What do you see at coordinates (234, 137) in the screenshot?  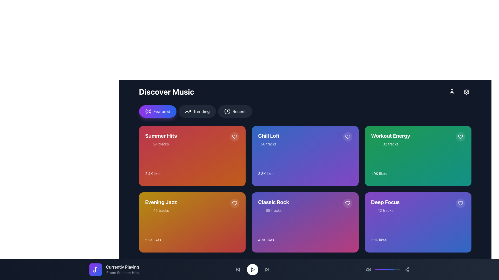 I see `the heart-shaped button with a white outline located in the top-right corner of the 'Summer Hits' card to observe the style change` at bounding box center [234, 137].